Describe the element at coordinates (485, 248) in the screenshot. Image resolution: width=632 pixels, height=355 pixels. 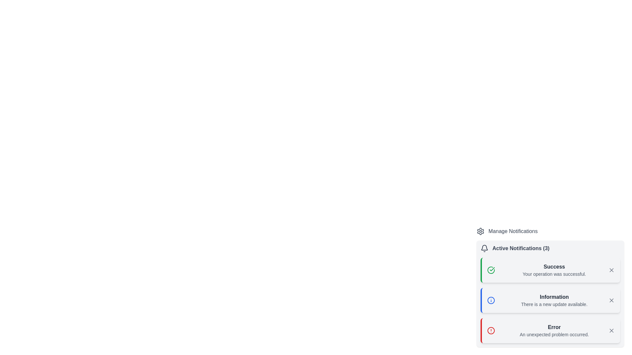
I see `the notification bell icon, which is styled with a simple outline and positioned to the left of the label 'Active Notifications (3)'` at that location.